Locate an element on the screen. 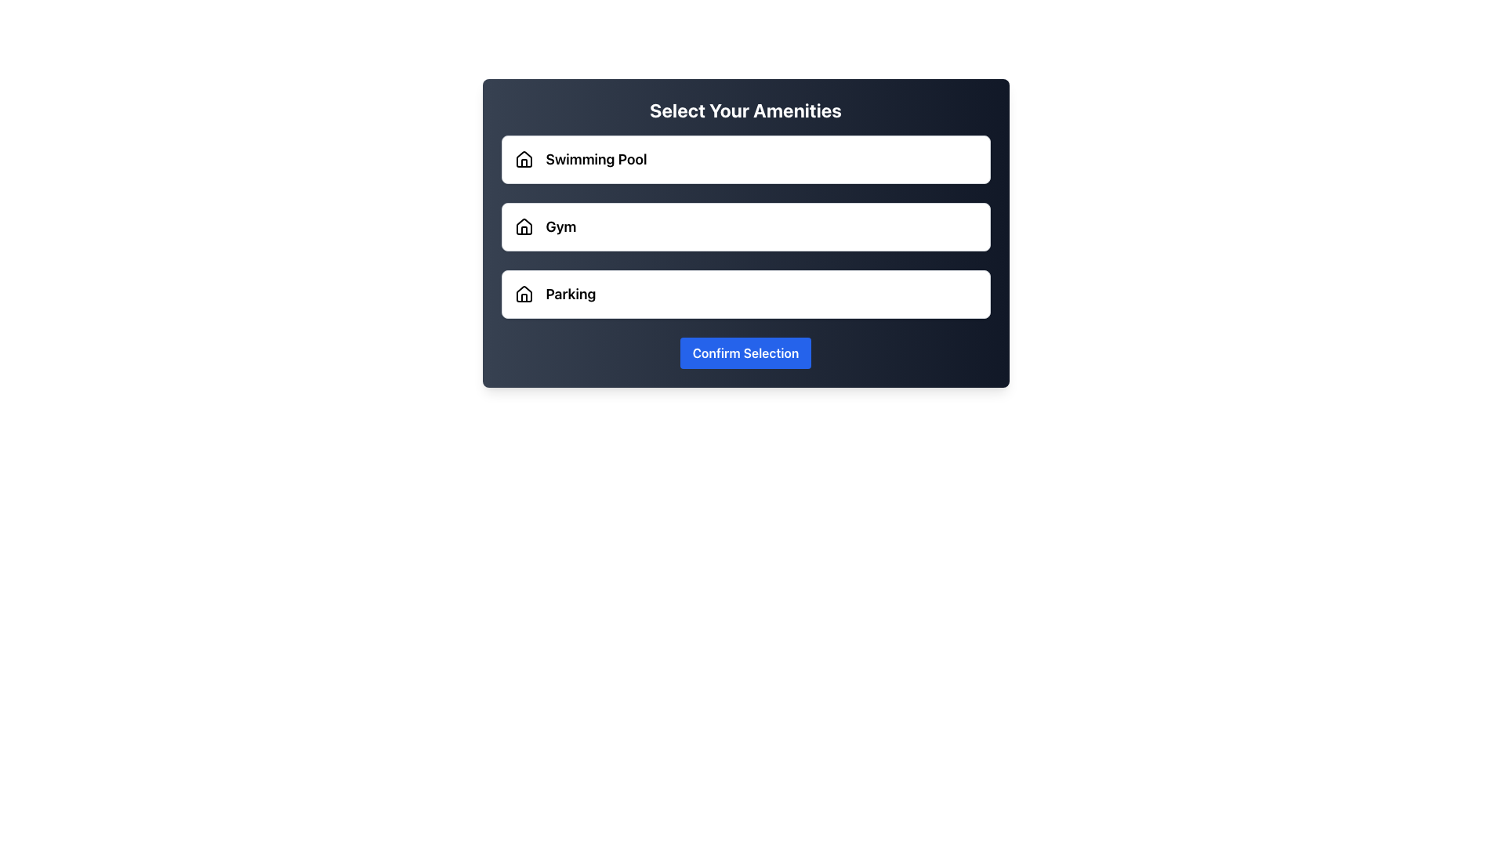 This screenshot has height=846, width=1505. the 'Gym' text label, which is styled in bold font and located within the second selectable option of a vertical list in a modal dialog is located at coordinates (560, 226).